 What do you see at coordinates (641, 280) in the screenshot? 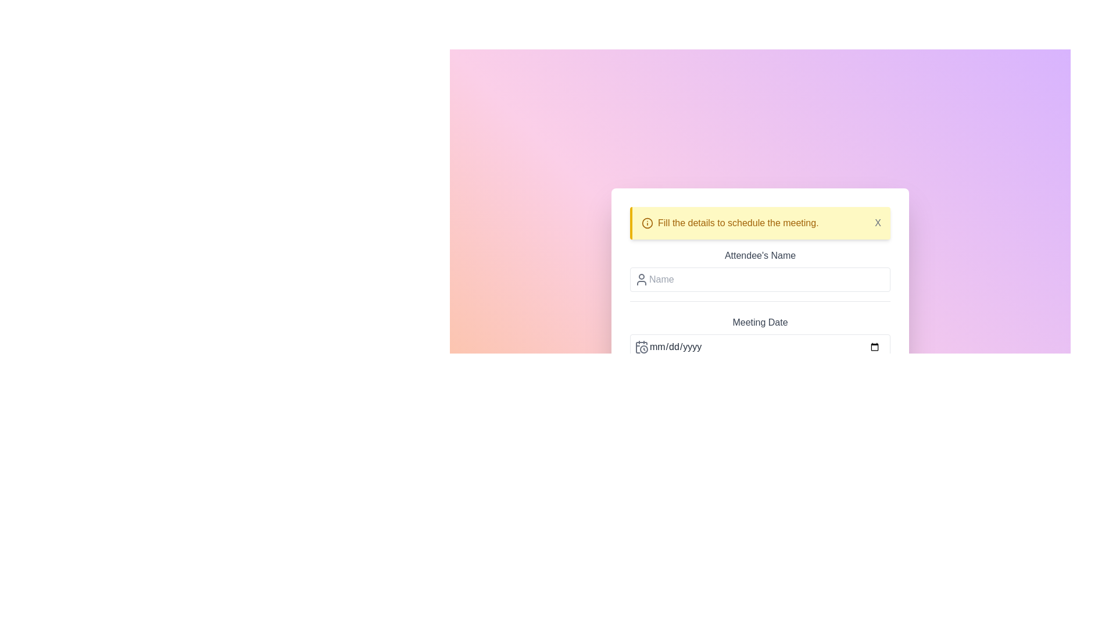
I see `the user avatar icon located to the left of the 'Name' text input field, which is lightly styled with a grayish color` at bounding box center [641, 280].